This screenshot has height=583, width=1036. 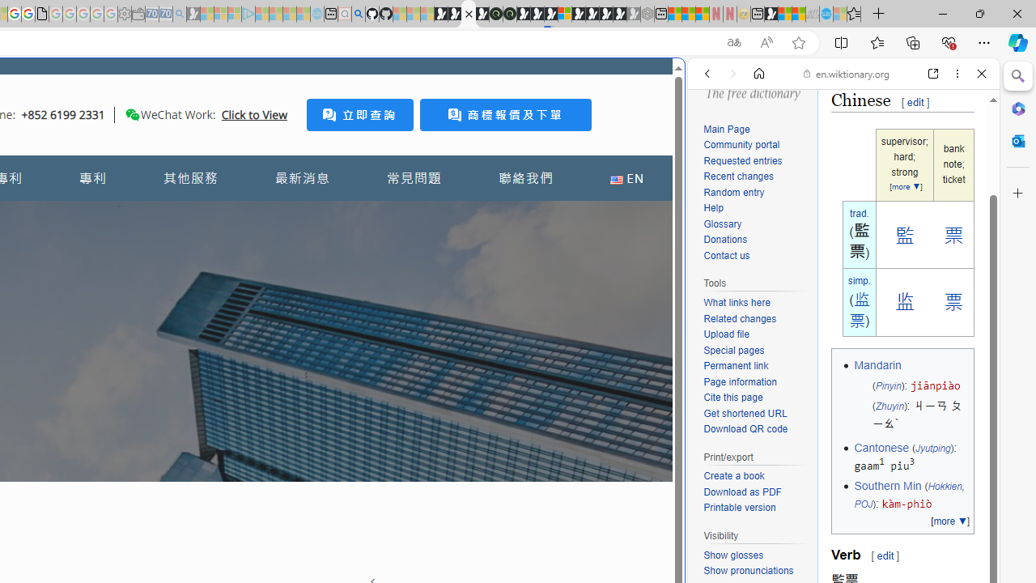 I want to click on 'google_privacy_policy_zh-CN.pdf', so click(x=41, y=14).